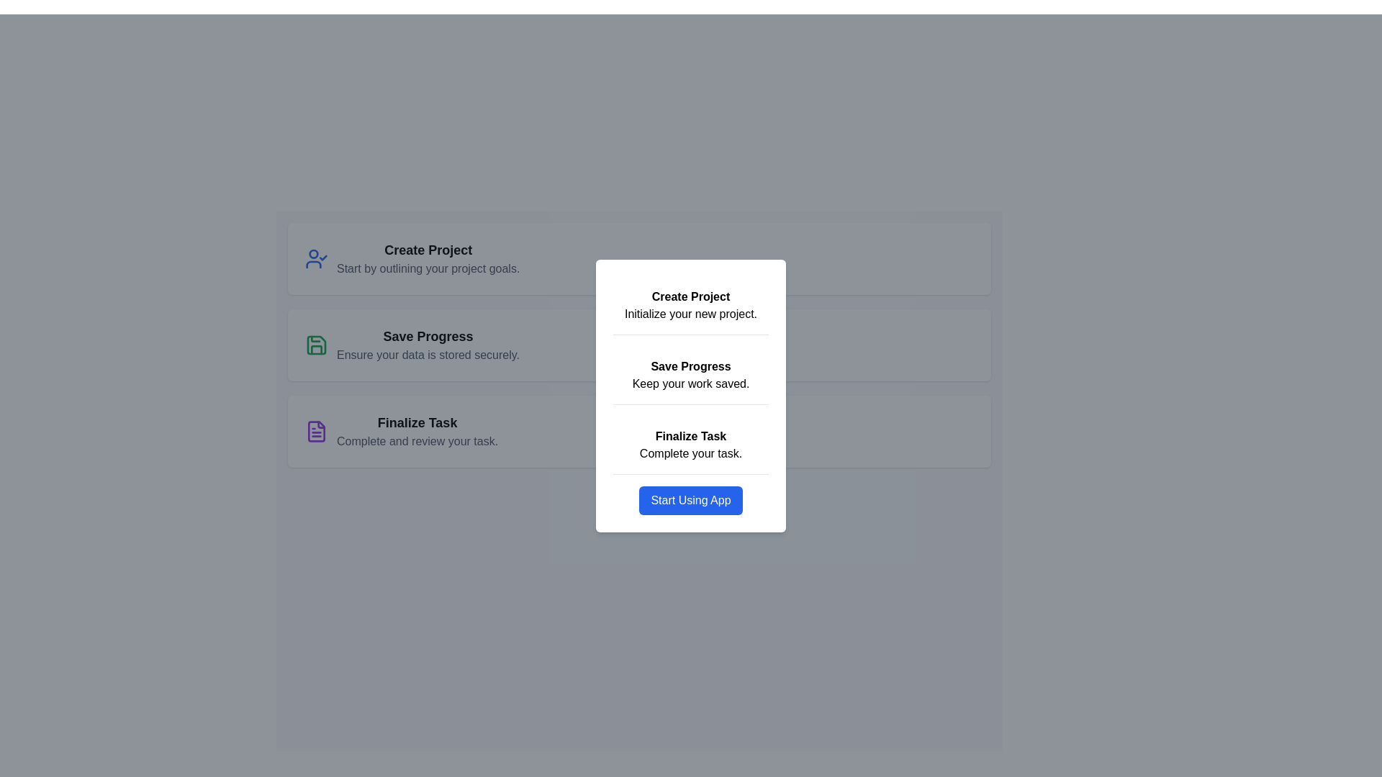 This screenshot has height=777, width=1382. Describe the element at coordinates (417, 440) in the screenshot. I see `the text label located beneath the bold header in the 'Finalize Task' card layout, which serves as a descriptive label or subtitle` at that location.